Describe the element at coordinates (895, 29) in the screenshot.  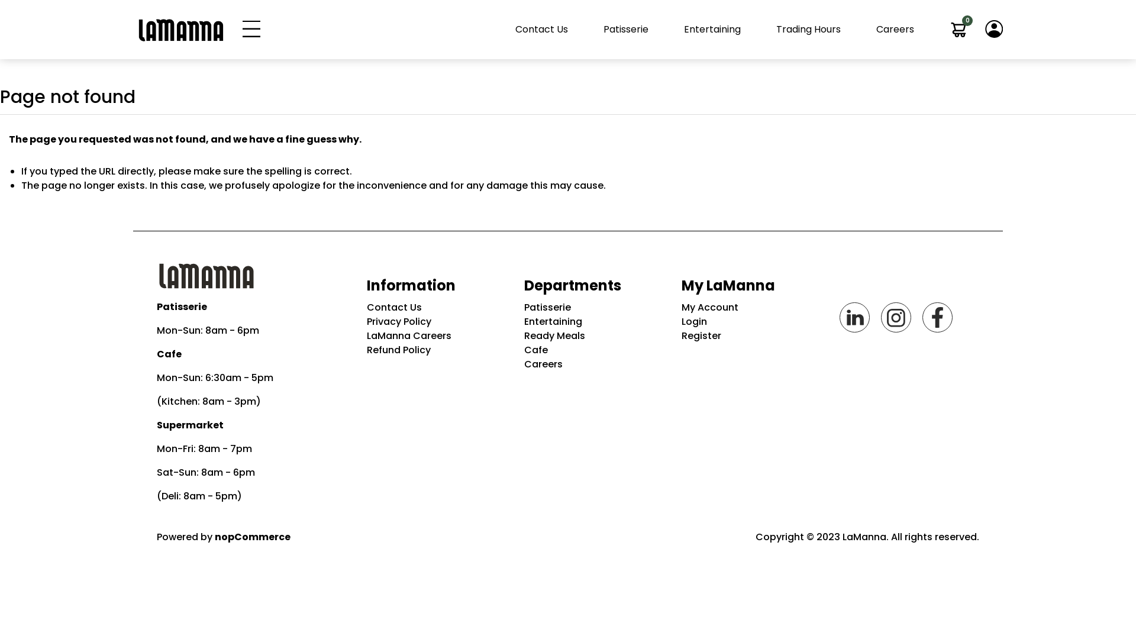
I see `'Careers'` at that location.